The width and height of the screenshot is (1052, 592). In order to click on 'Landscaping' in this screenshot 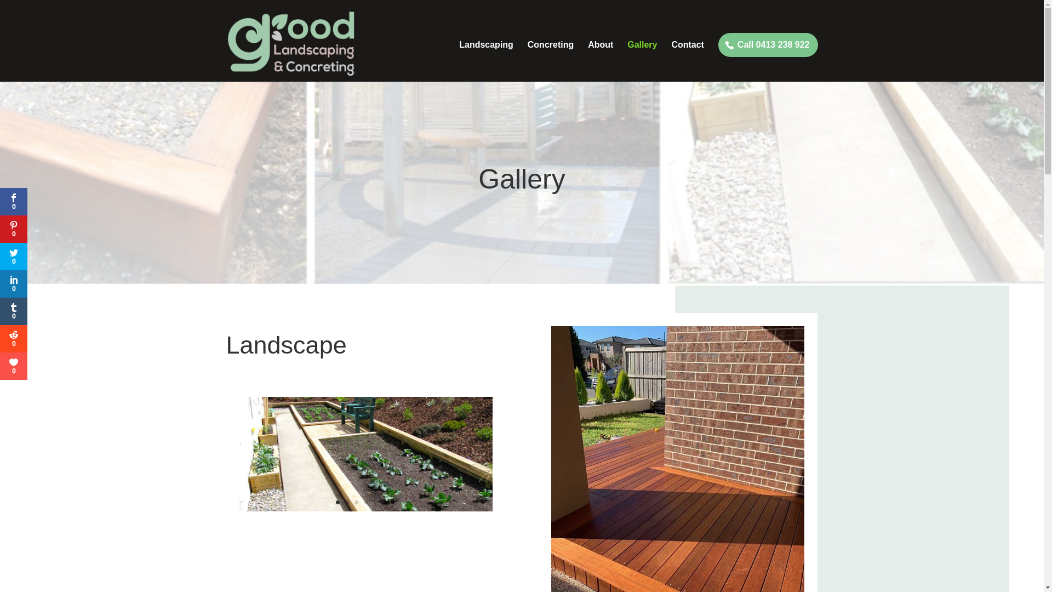, I will do `click(485, 61)`.